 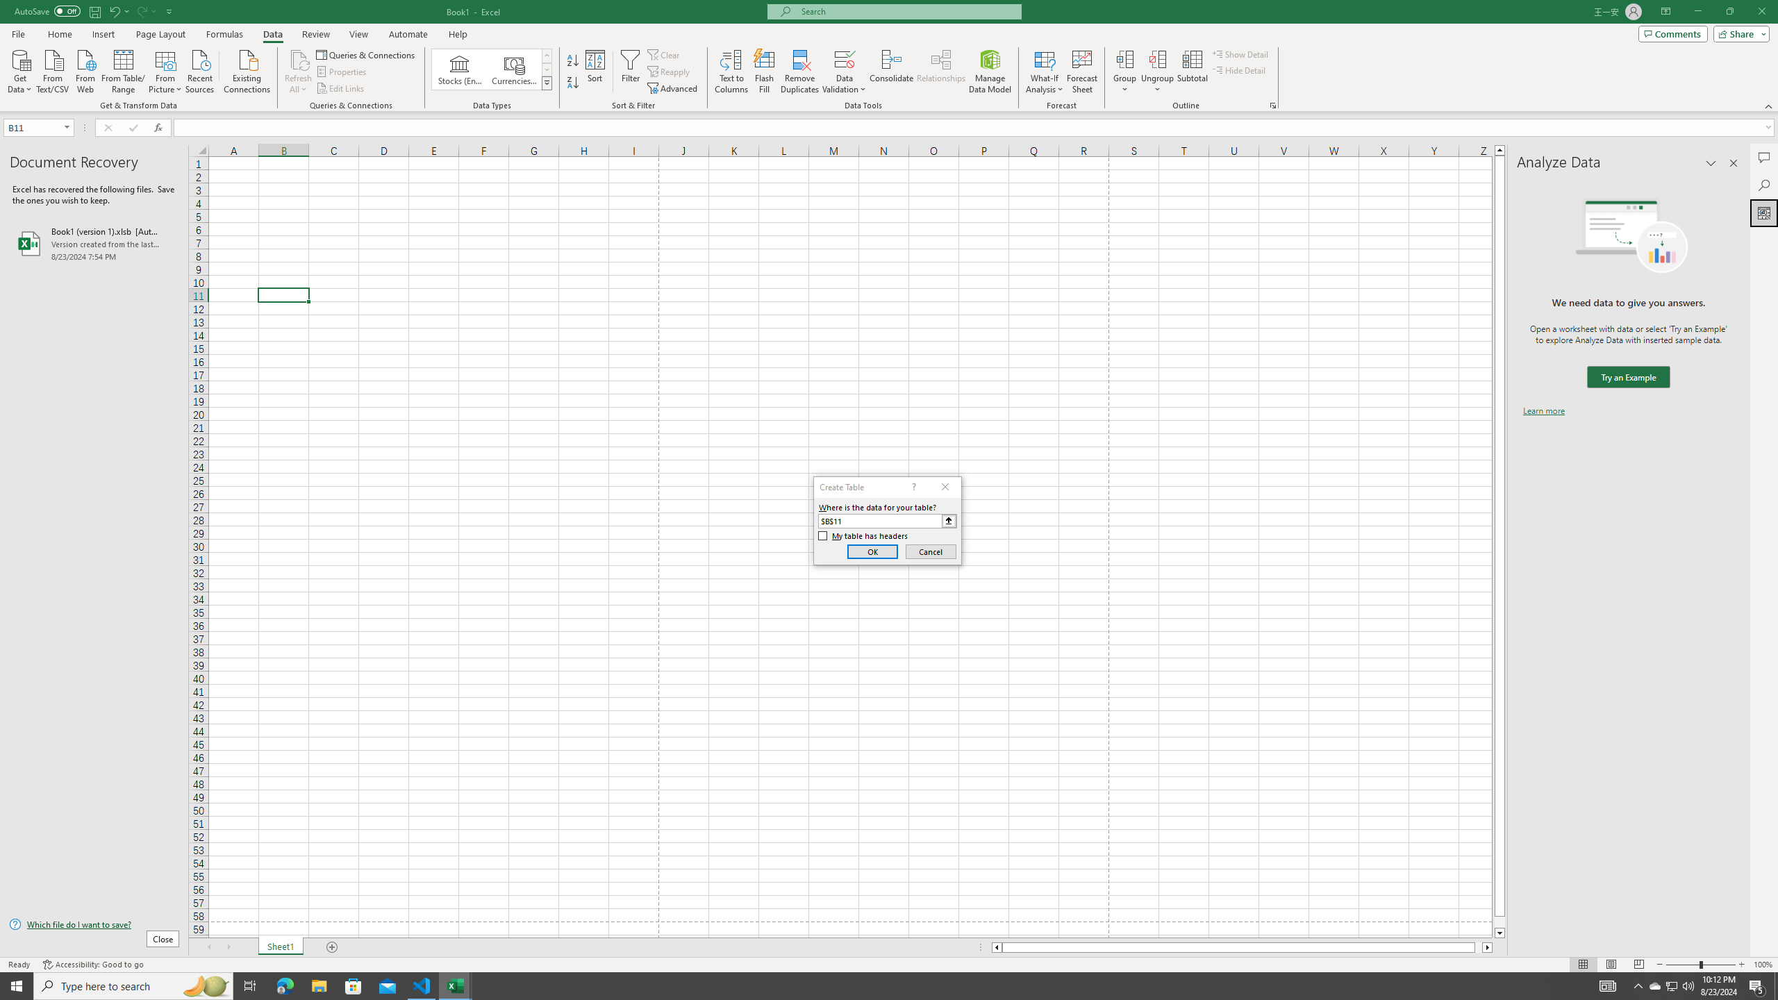 I want to click on 'From Picture', so click(x=166, y=69).